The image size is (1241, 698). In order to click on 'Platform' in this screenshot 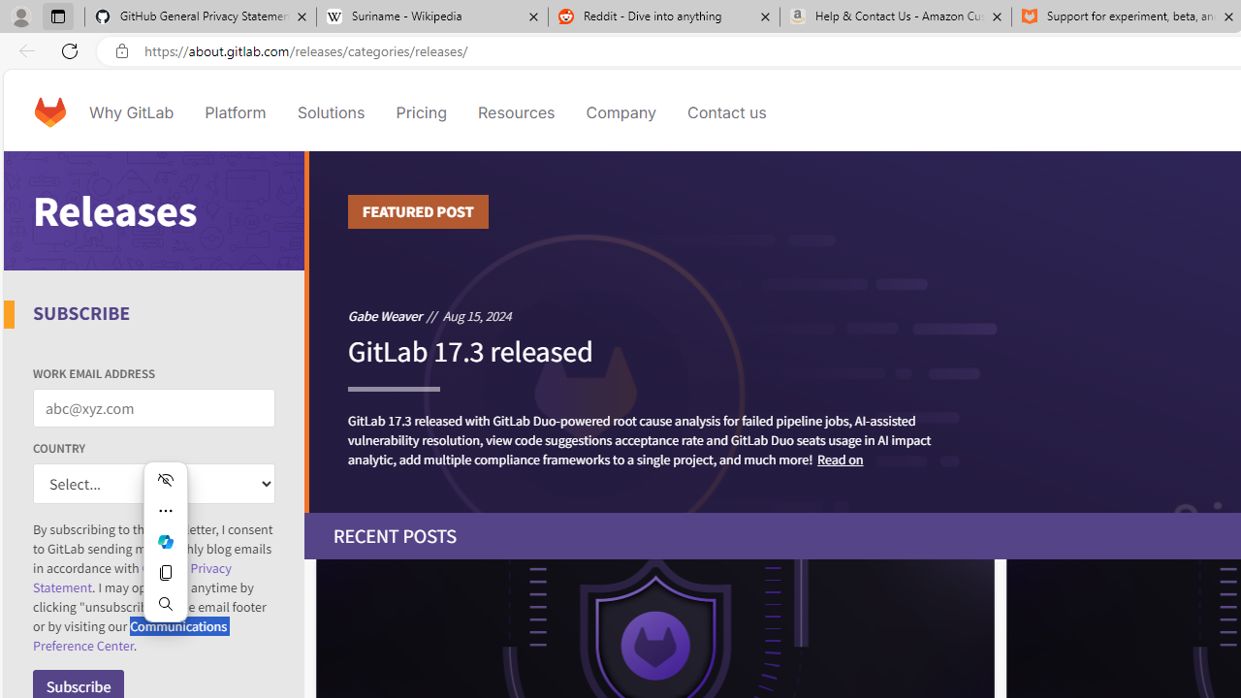, I will do `click(235, 111)`.